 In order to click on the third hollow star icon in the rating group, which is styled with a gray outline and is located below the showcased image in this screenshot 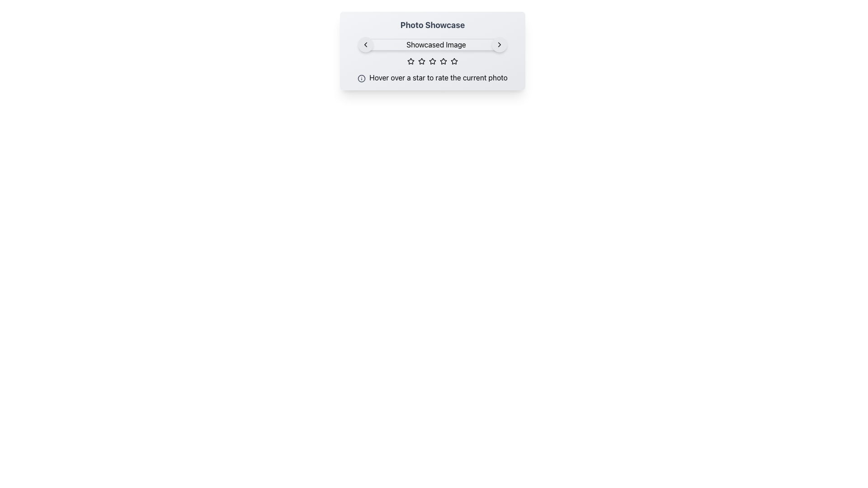, I will do `click(432, 61)`.